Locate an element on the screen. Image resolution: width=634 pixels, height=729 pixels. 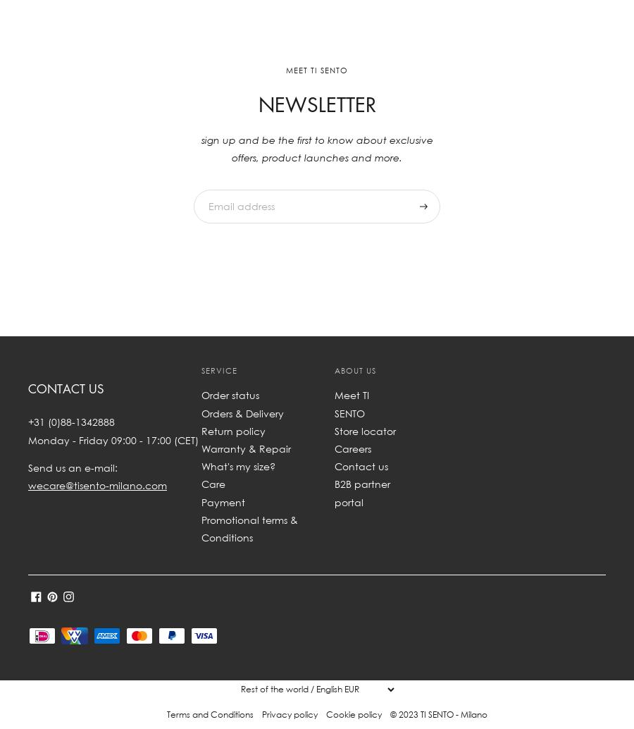
'Email address' is located at coordinates (234, 188).